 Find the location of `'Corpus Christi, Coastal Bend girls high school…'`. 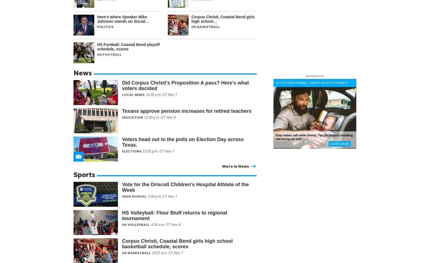

'Corpus Christi, Coastal Bend girls high school…' is located at coordinates (222, 19).